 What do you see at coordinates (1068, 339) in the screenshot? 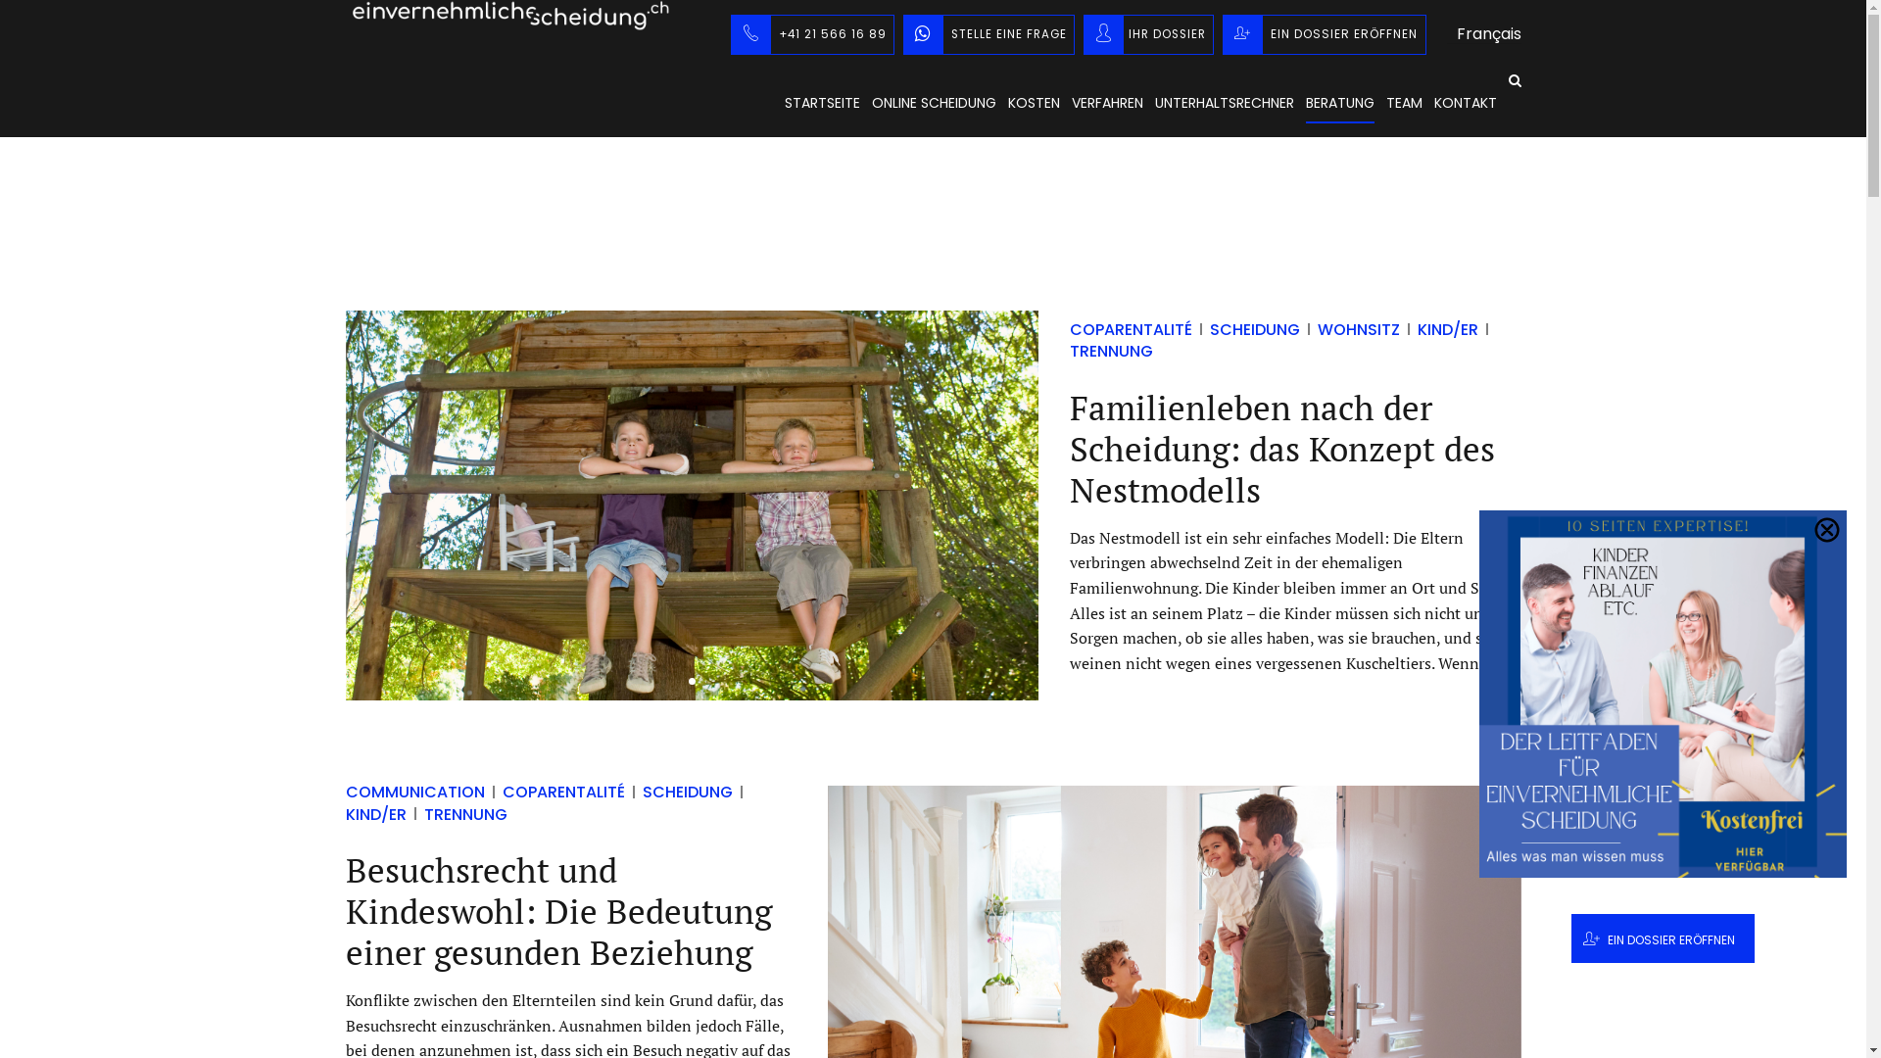
I see `'TRENNUNG'` at bounding box center [1068, 339].